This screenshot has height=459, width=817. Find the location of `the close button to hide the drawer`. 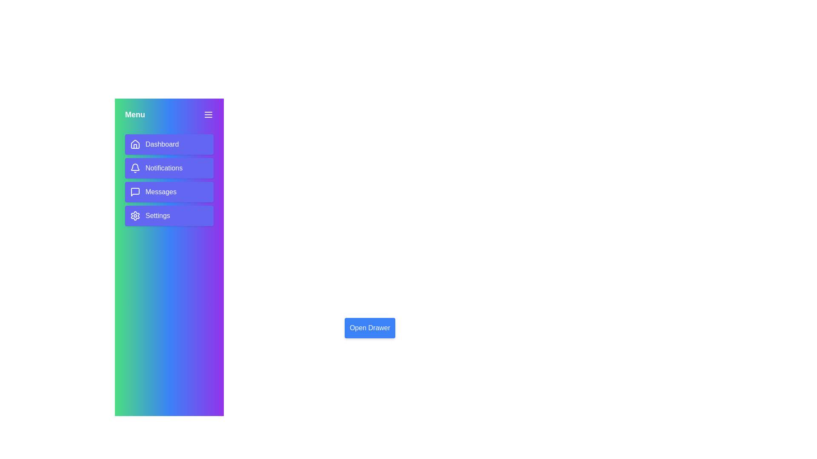

the close button to hide the drawer is located at coordinates (208, 115).